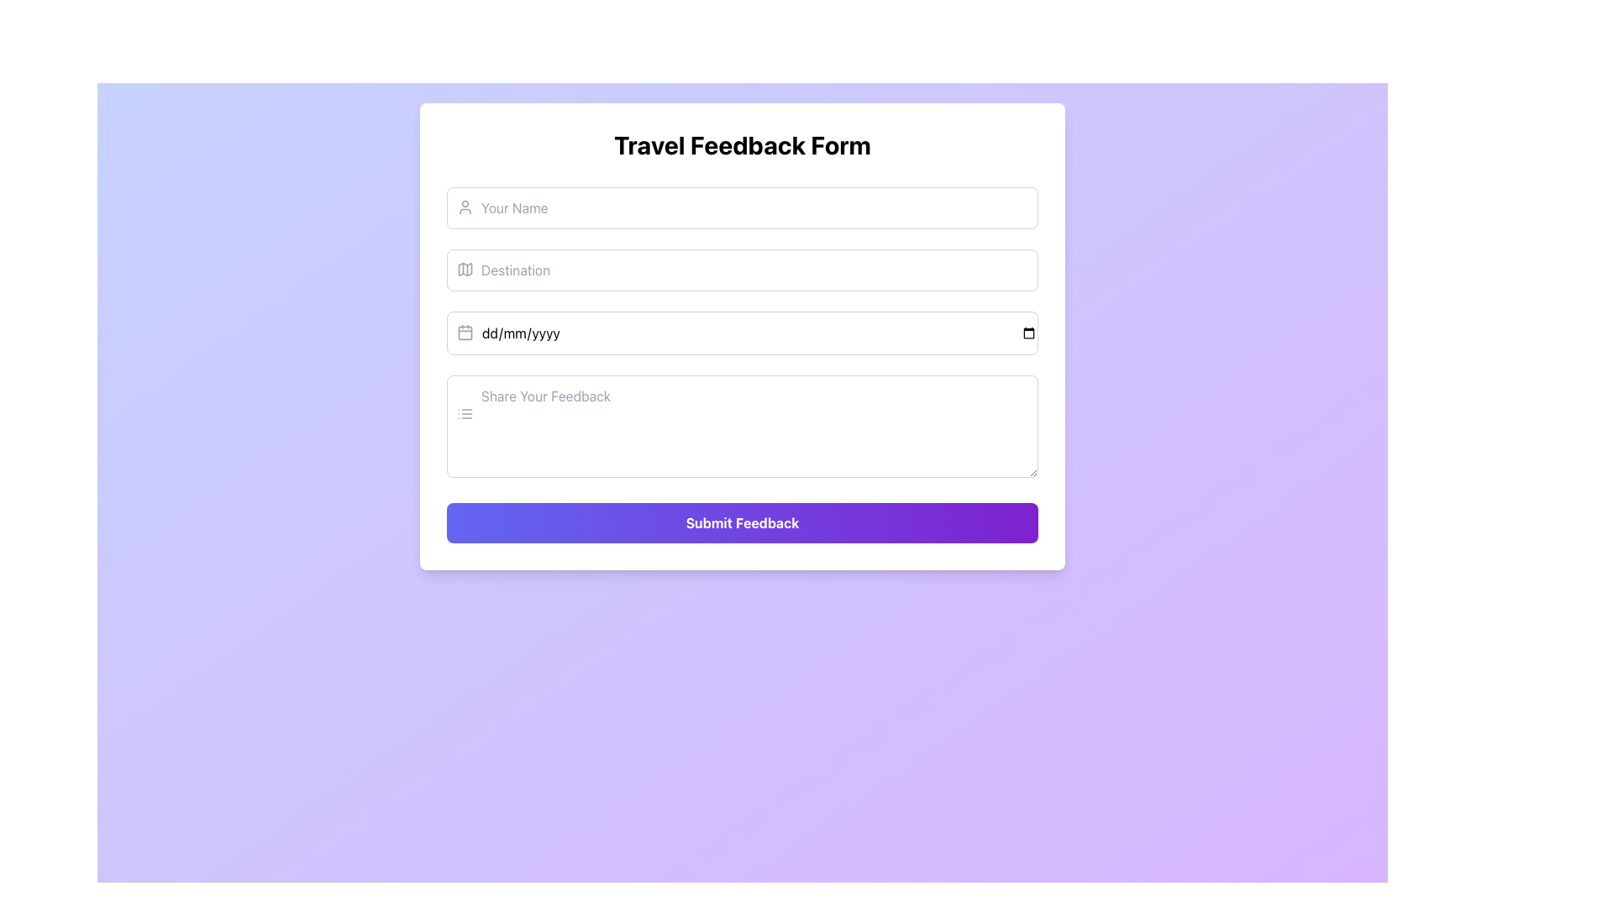 This screenshot has width=1613, height=907. I want to click on the map icon located to the left of the 'Destination' input field in the form, so click(465, 268).